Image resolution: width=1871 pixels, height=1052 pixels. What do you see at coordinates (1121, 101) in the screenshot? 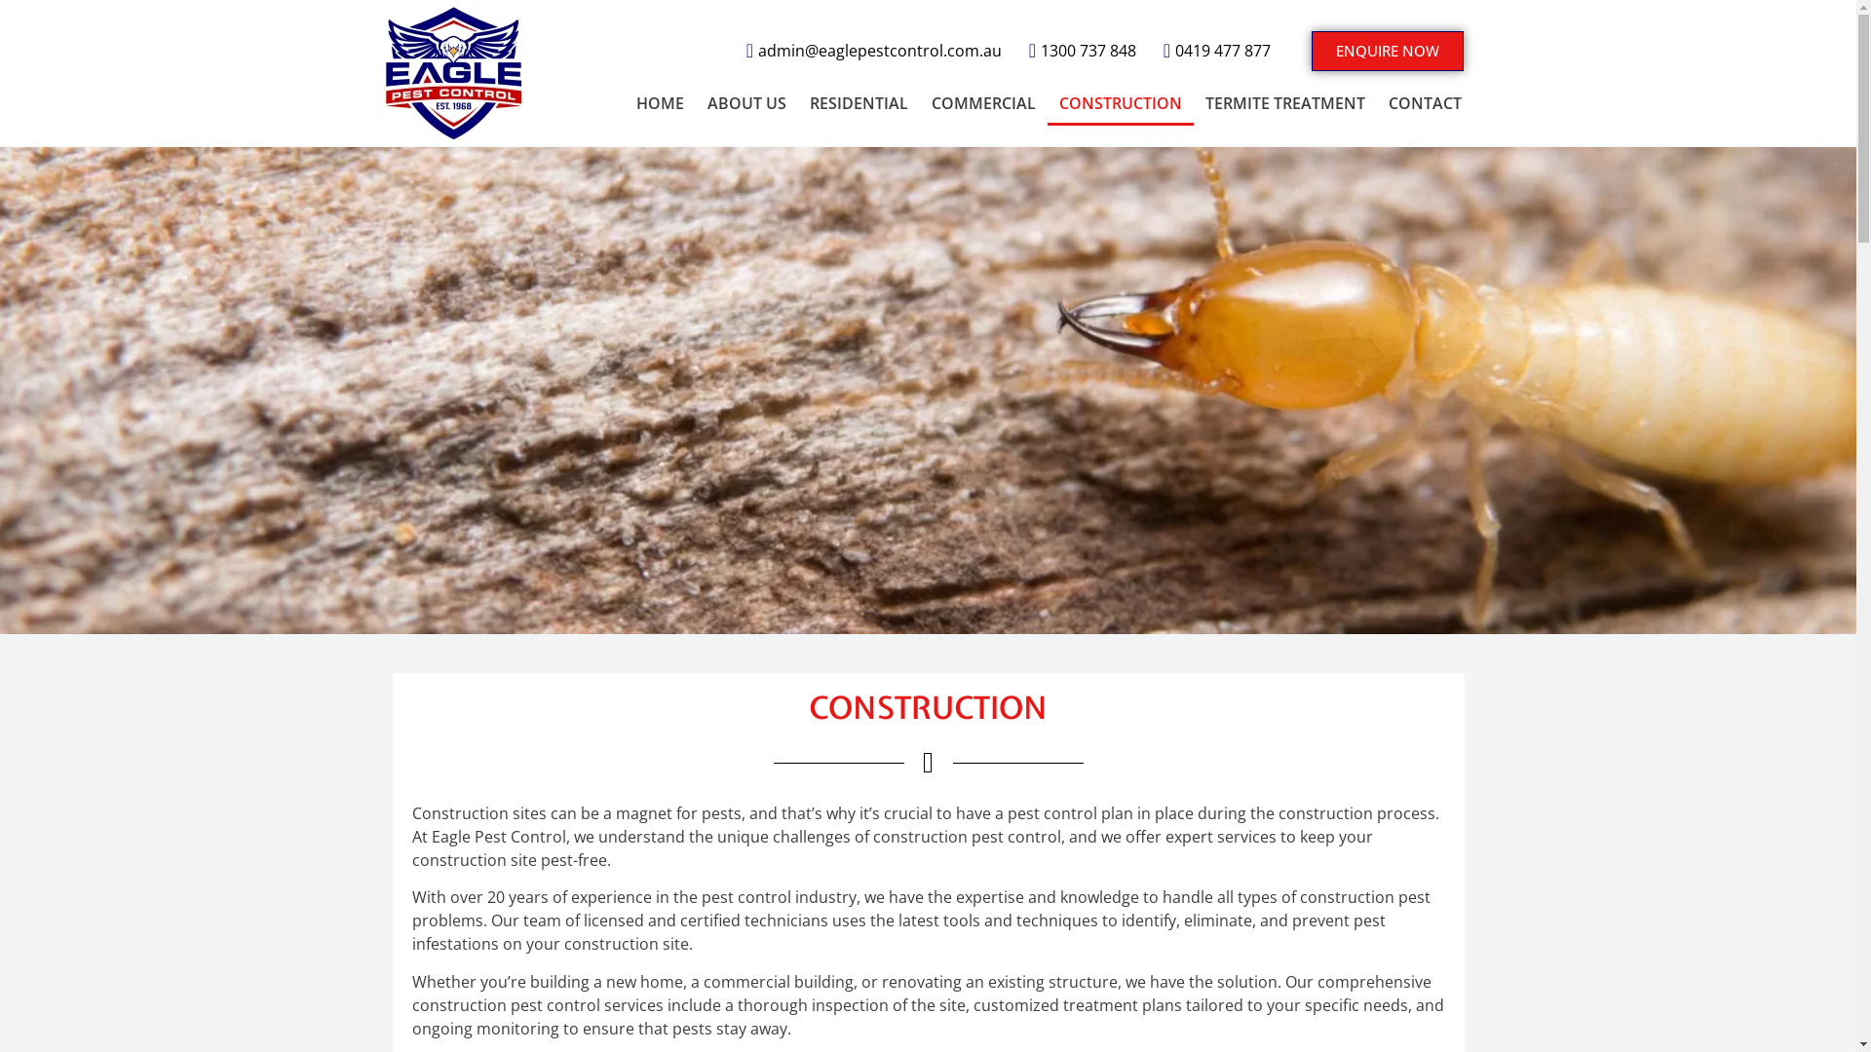
I see `'CONSTRUCTION'` at bounding box center [1121, 101].